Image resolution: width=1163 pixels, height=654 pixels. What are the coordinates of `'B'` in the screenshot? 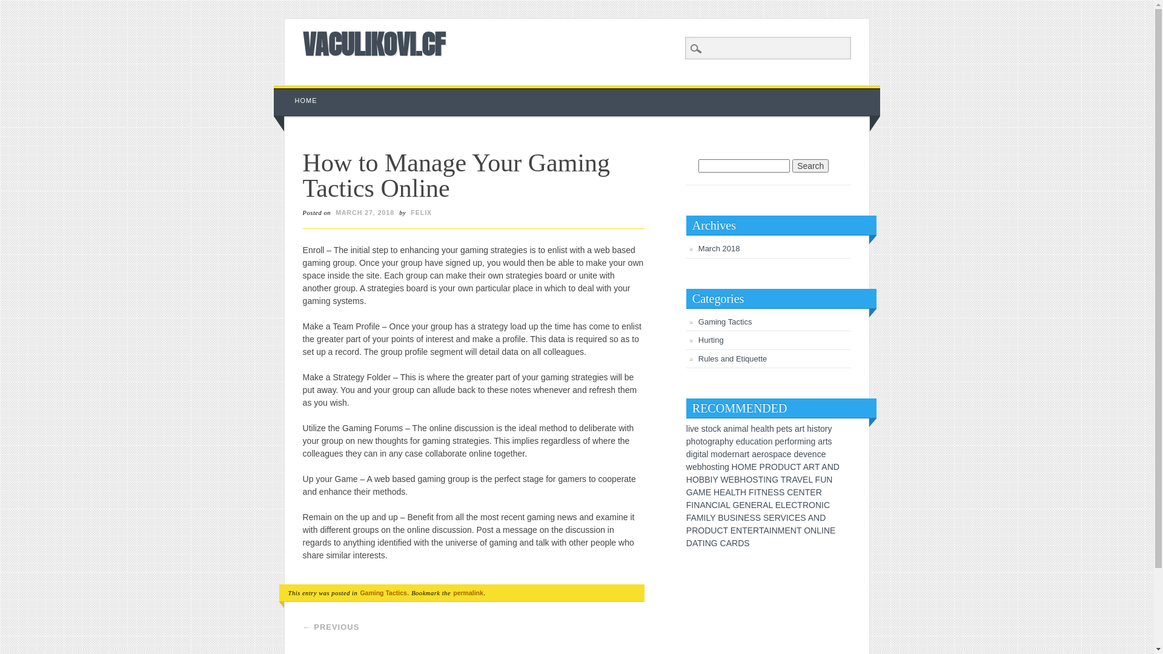 It's located at (736, 478).